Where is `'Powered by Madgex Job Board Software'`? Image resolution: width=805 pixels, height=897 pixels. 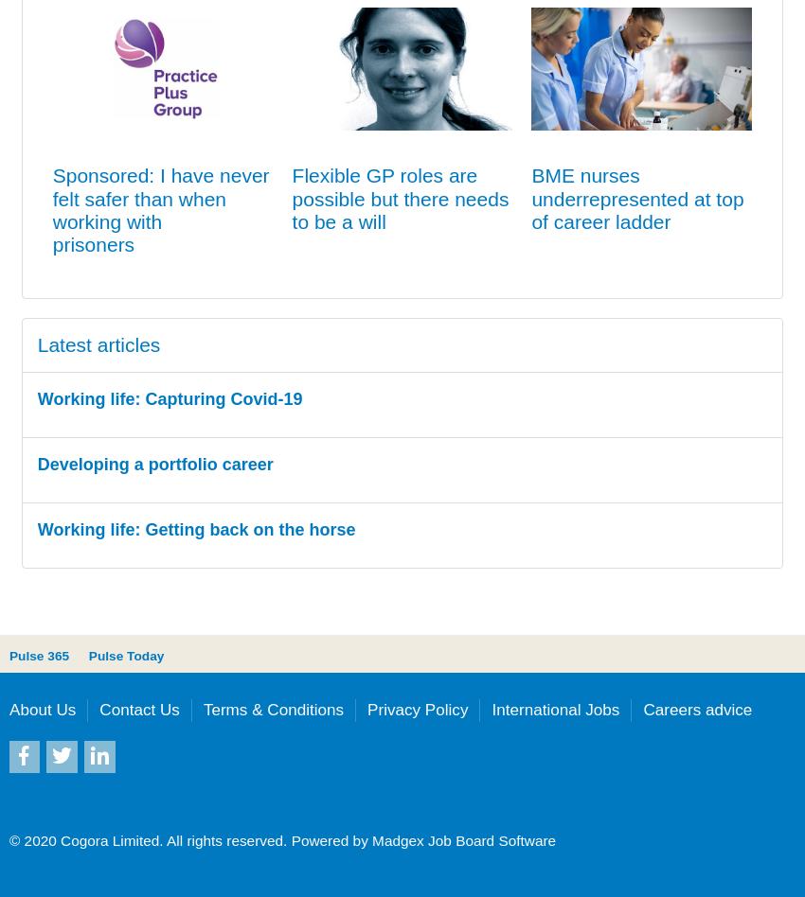 'Powered by Madgex Job Board Software' is located at coordinates (287, 838).